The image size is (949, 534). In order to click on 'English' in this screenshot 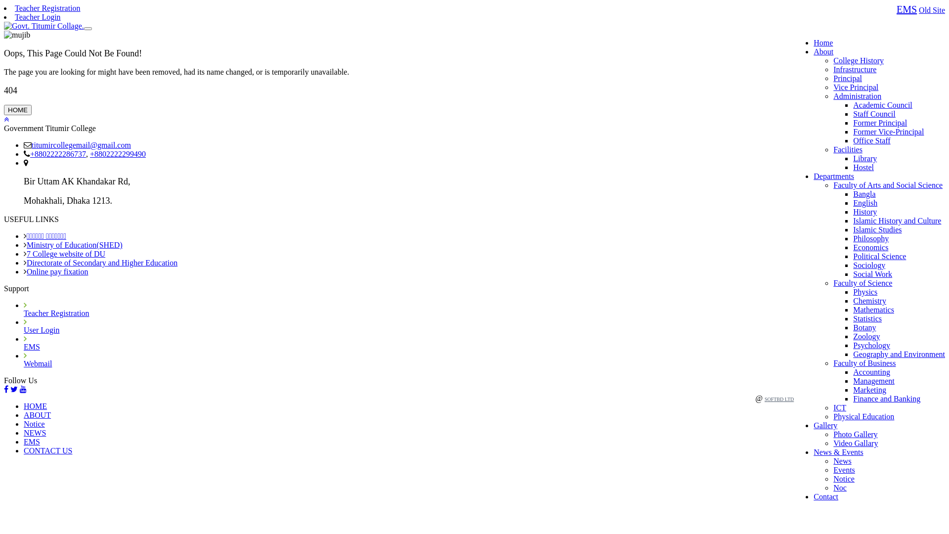, I will do `click(864, 202)`.